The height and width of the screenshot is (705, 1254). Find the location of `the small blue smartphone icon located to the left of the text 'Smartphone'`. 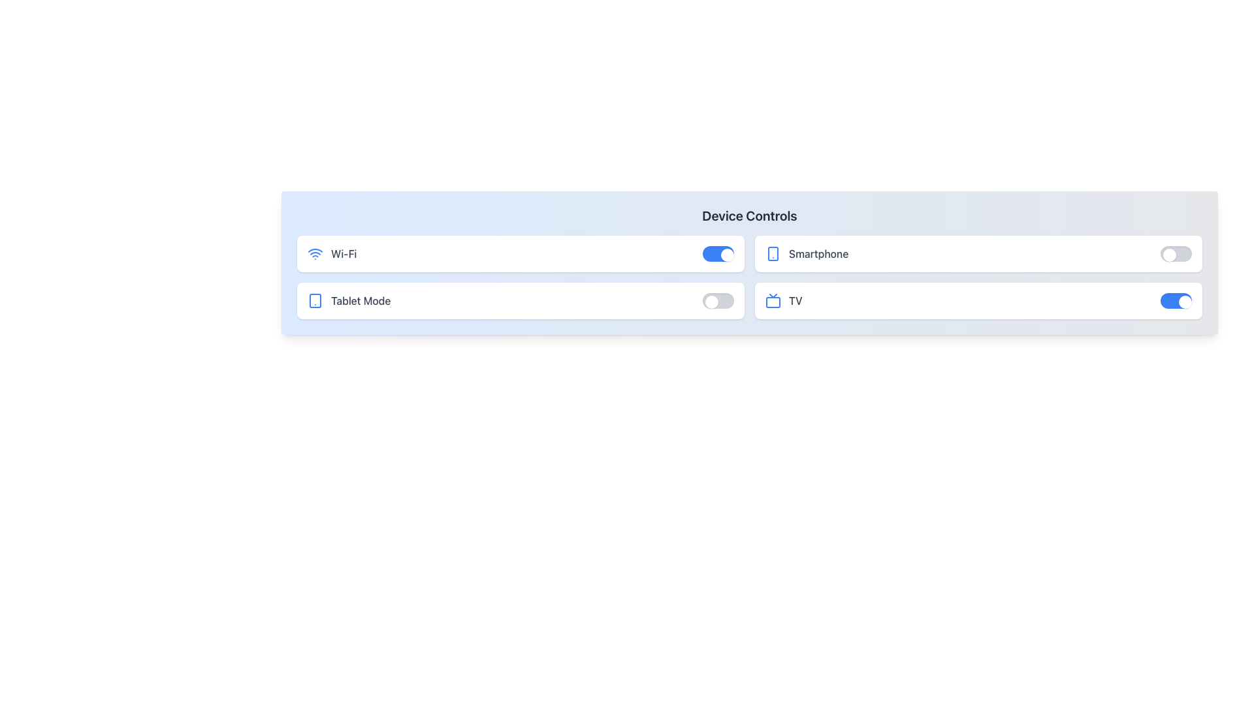

the small blue smartphone icon located to the left of the text 'Smartphone' is located at coordinates (773, 254).